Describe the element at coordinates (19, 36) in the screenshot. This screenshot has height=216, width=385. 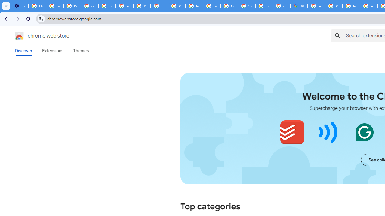
I see `'Chrome Web Store logo'` at that location.